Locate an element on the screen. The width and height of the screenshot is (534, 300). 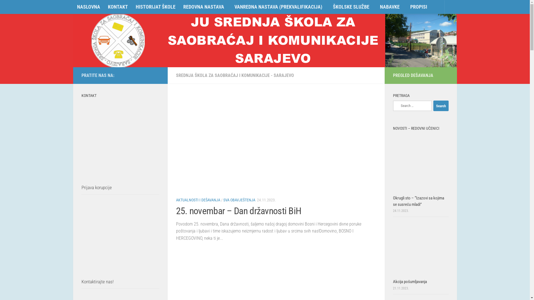
'VANREDNA NASTAVA (PREKVALIFIKACIJA)' is located at coordinates (280, 7).